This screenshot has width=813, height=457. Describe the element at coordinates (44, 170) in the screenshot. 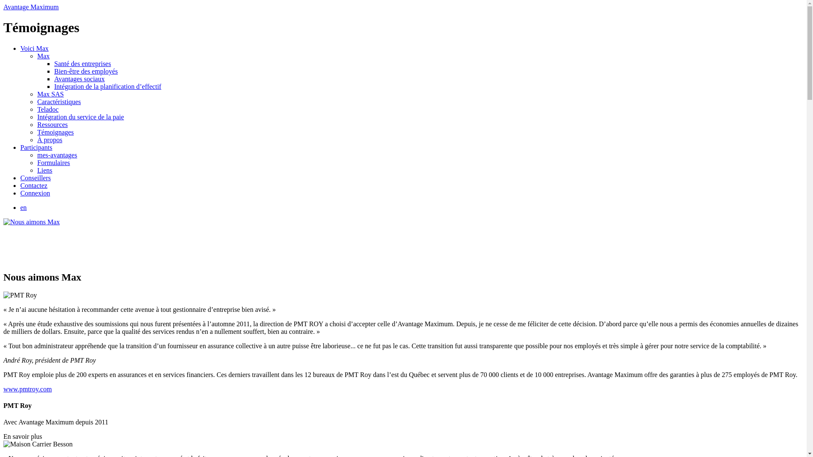

I see `'Liens'` at that location.